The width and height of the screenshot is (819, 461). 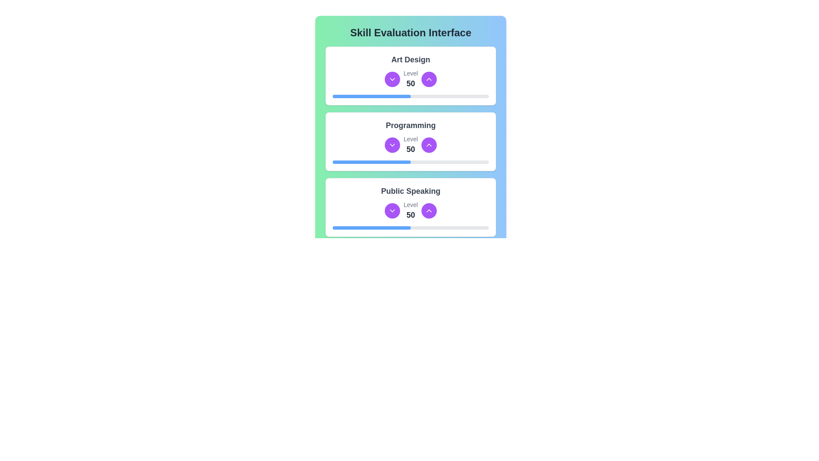 I want to click on the text label indicating the level context for the nearby numerical value '50', which is located at the top of the skill section layout, so click(x=411, y=73).